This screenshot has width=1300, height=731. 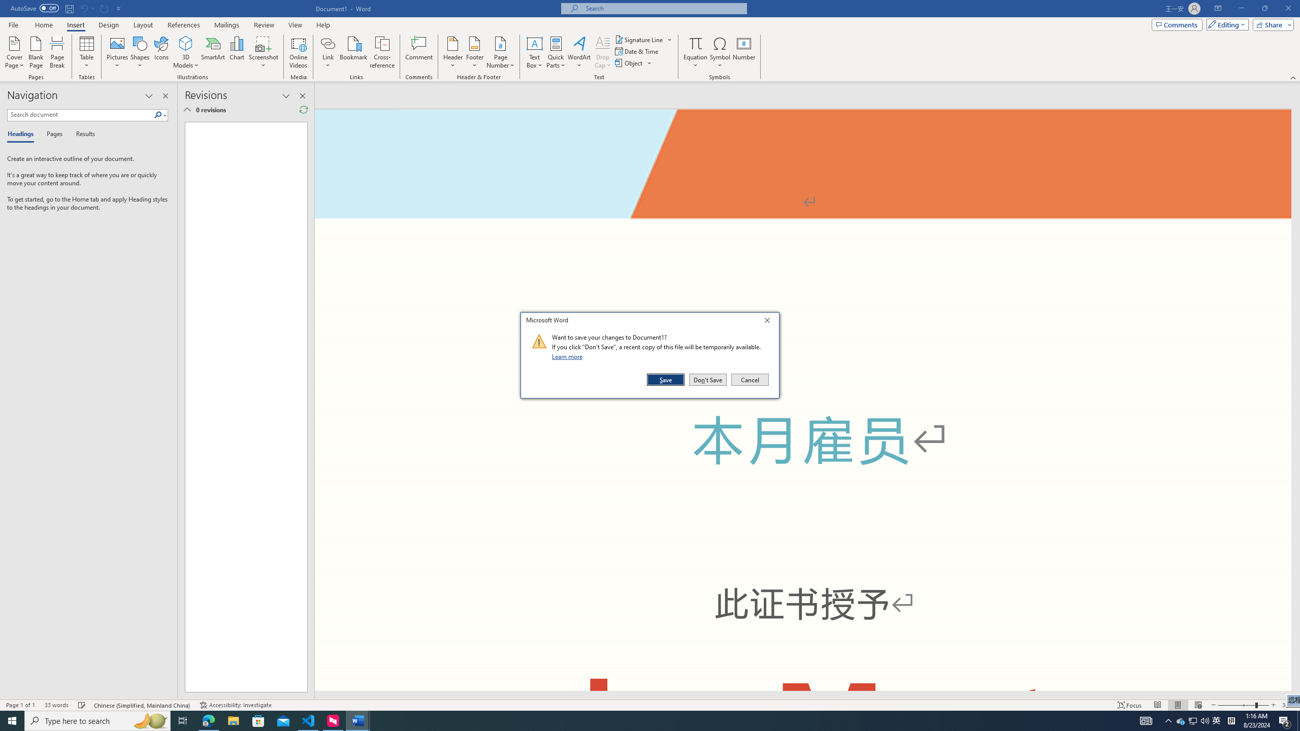 I want to click on 'Date & Time...', so click(x=637, y=50).